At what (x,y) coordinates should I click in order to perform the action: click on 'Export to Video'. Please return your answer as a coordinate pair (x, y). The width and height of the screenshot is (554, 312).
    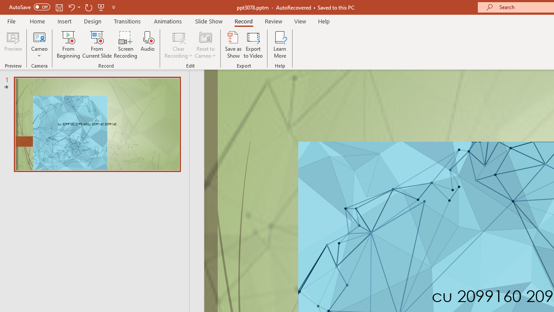
    Looking at the image, I should click on (253, 45).